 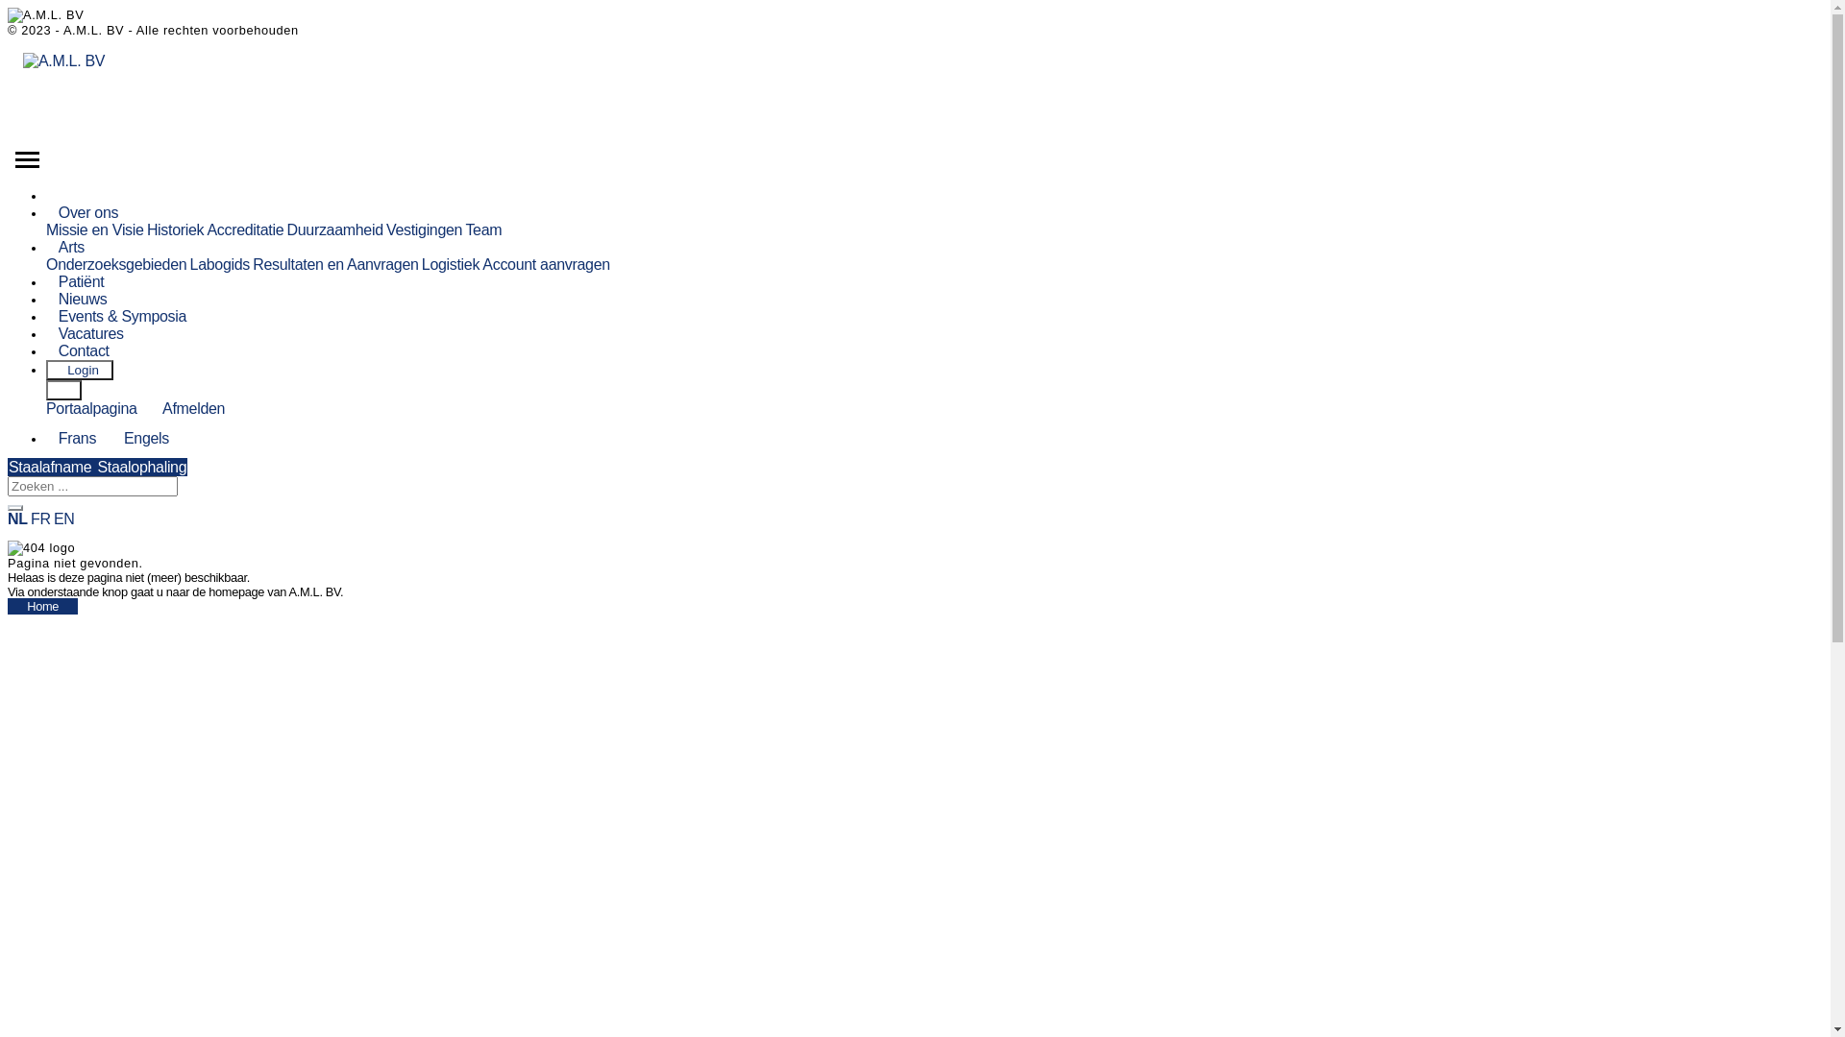 What do you see at coordinates (335, 264) in the screenshot?
I see `'Resultaten en Aanvragen'` at bounding box center [335, 264].